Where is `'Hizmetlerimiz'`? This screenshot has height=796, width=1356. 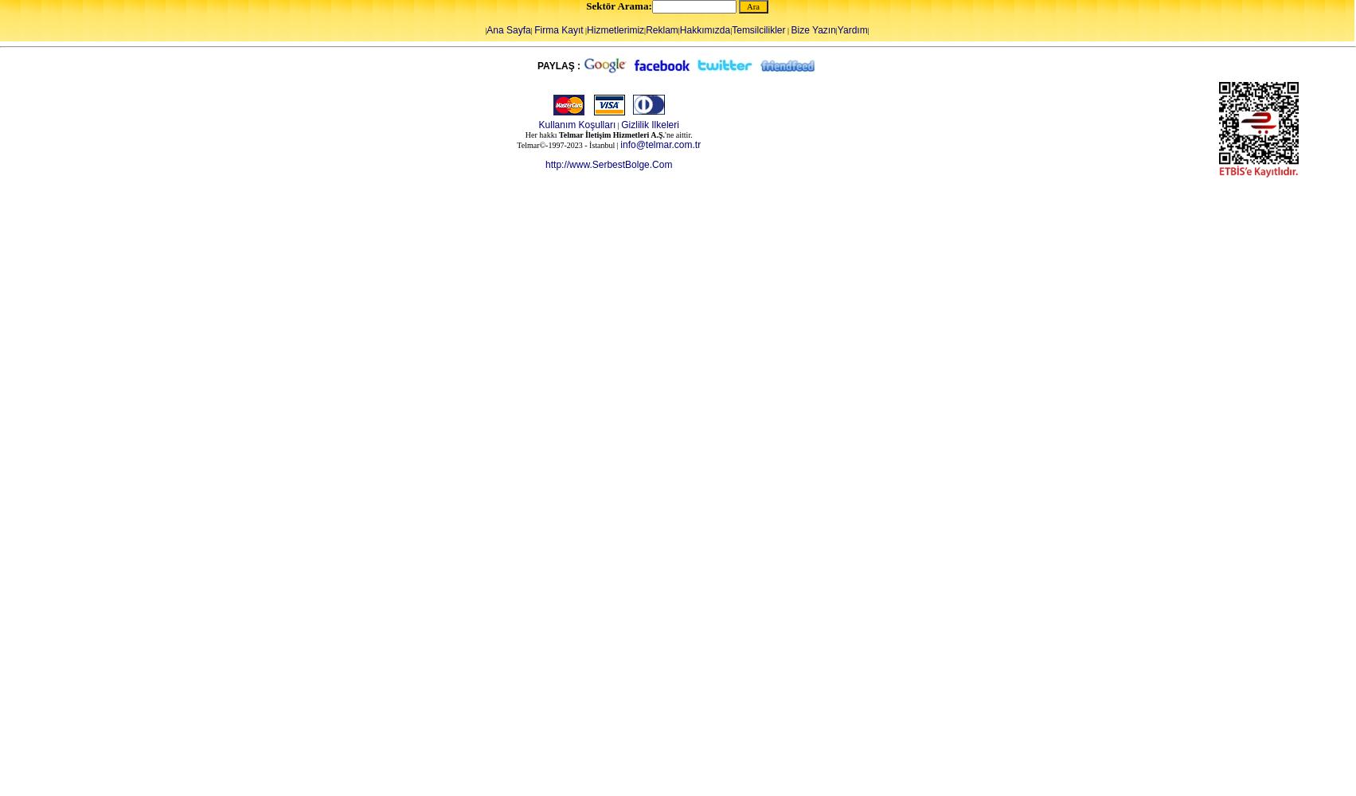 'Hizmetlerimiz' is located at coordinates (615, 30).